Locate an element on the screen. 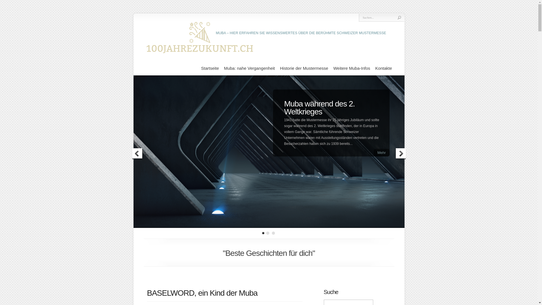 The width and height of the screenshot is (542, 305). 'Muba: nahe Vergangenheit' is located at coordinates (249, 68).